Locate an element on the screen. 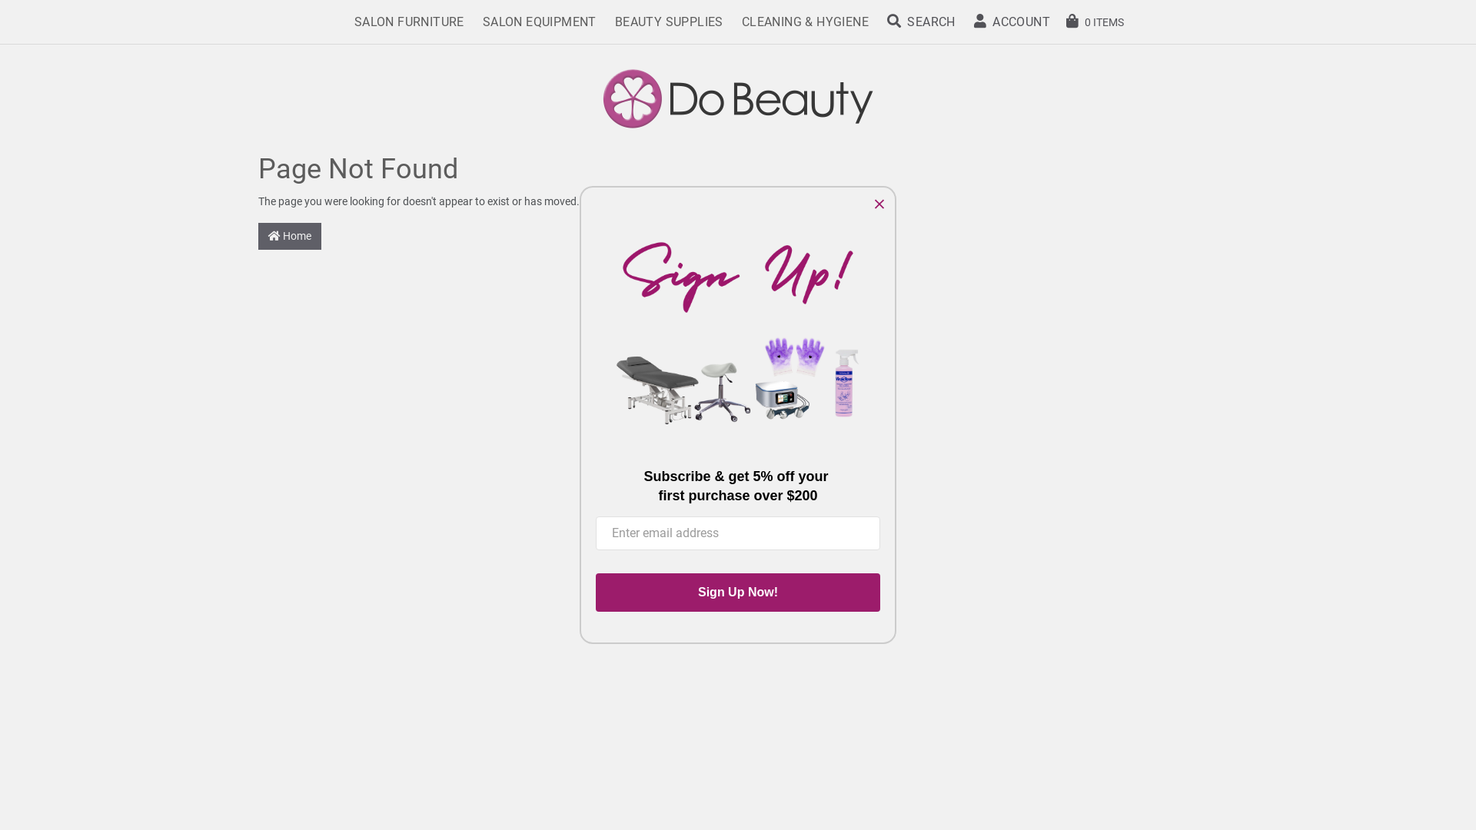 This screenshot has height=830, width=1476. 'CLEANING & HYGIENE' is located at coordinates (804, 22).